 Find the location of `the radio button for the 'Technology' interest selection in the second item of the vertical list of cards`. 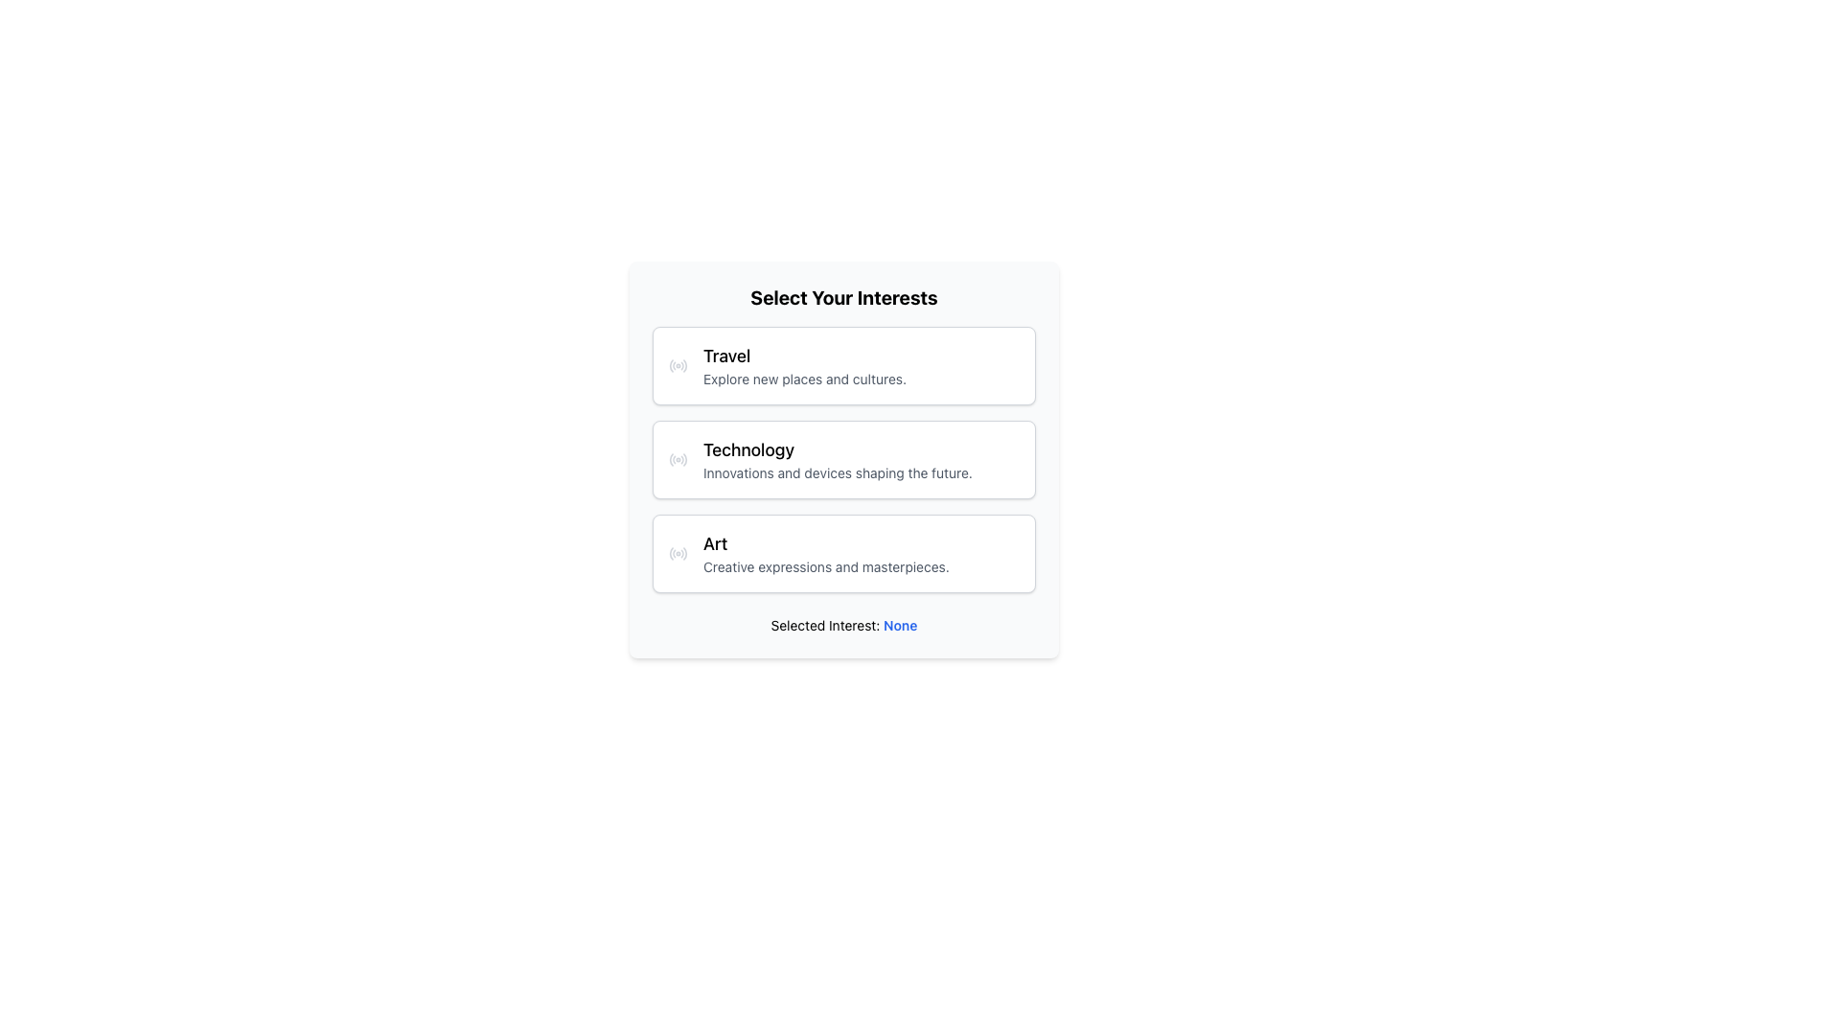

the radio button for the 'Technology' interest selection in the second item of the vertical list of cards is located at coordinates (843, 459).